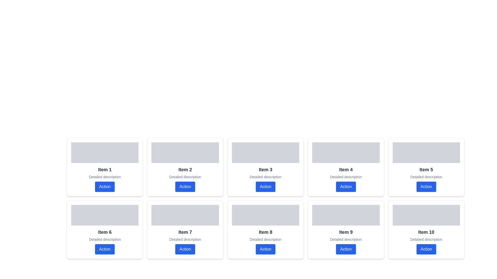 This screenshot has width=497, height=279. Describe the element at coordinates (266, 169) in the screenshot. I see `the title of the third card in the first row of the grid, which serves as a label to identify the specific item within its card` at that location.